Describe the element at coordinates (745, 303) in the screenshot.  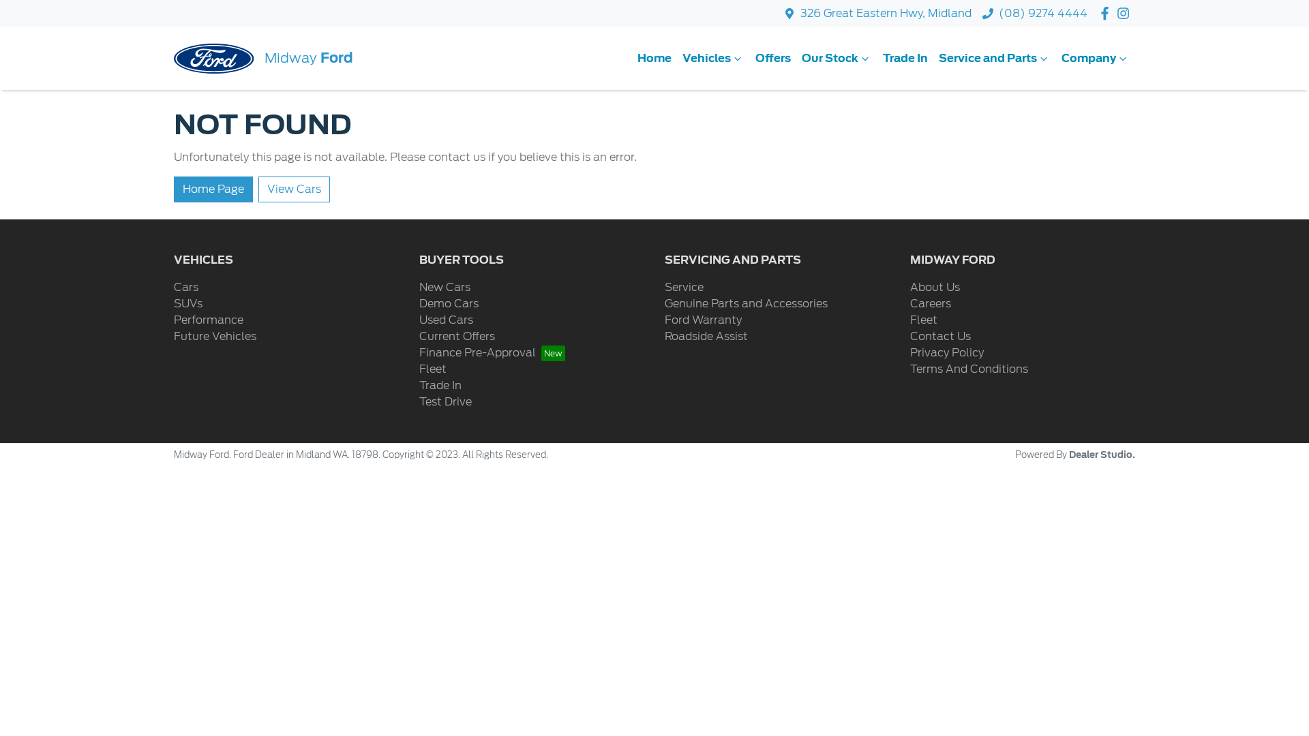
I see `'Genuine Parts and Accessories'` at that location.